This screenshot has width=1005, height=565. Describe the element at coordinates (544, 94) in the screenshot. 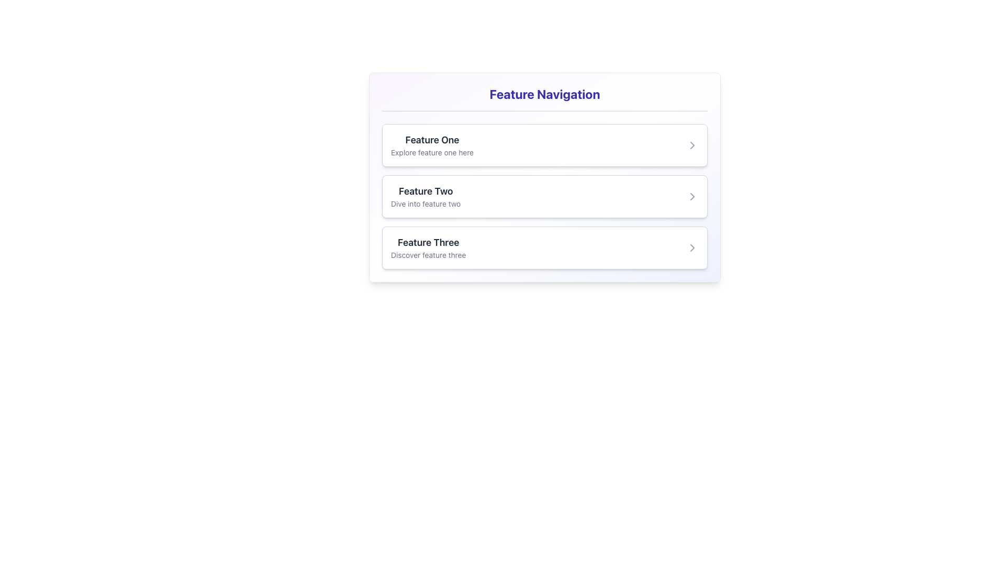

I see `header text element displaying 'Feature Navigation' in large, bold, indigo font, located at the top-center of the content section` at that location.